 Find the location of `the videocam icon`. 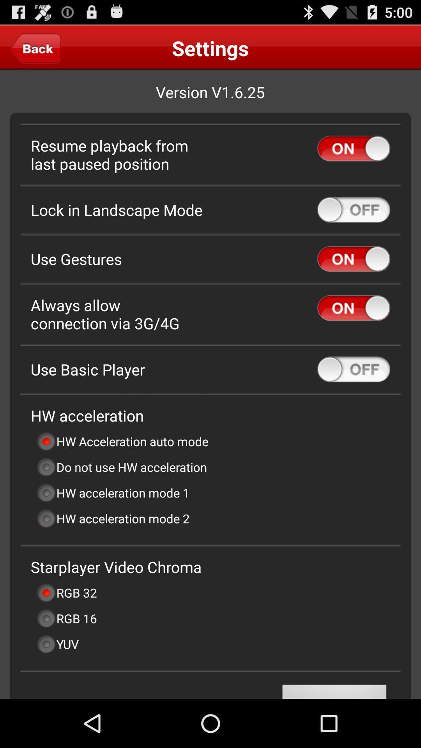

the videocam icon is located at coordinates (35, 51).